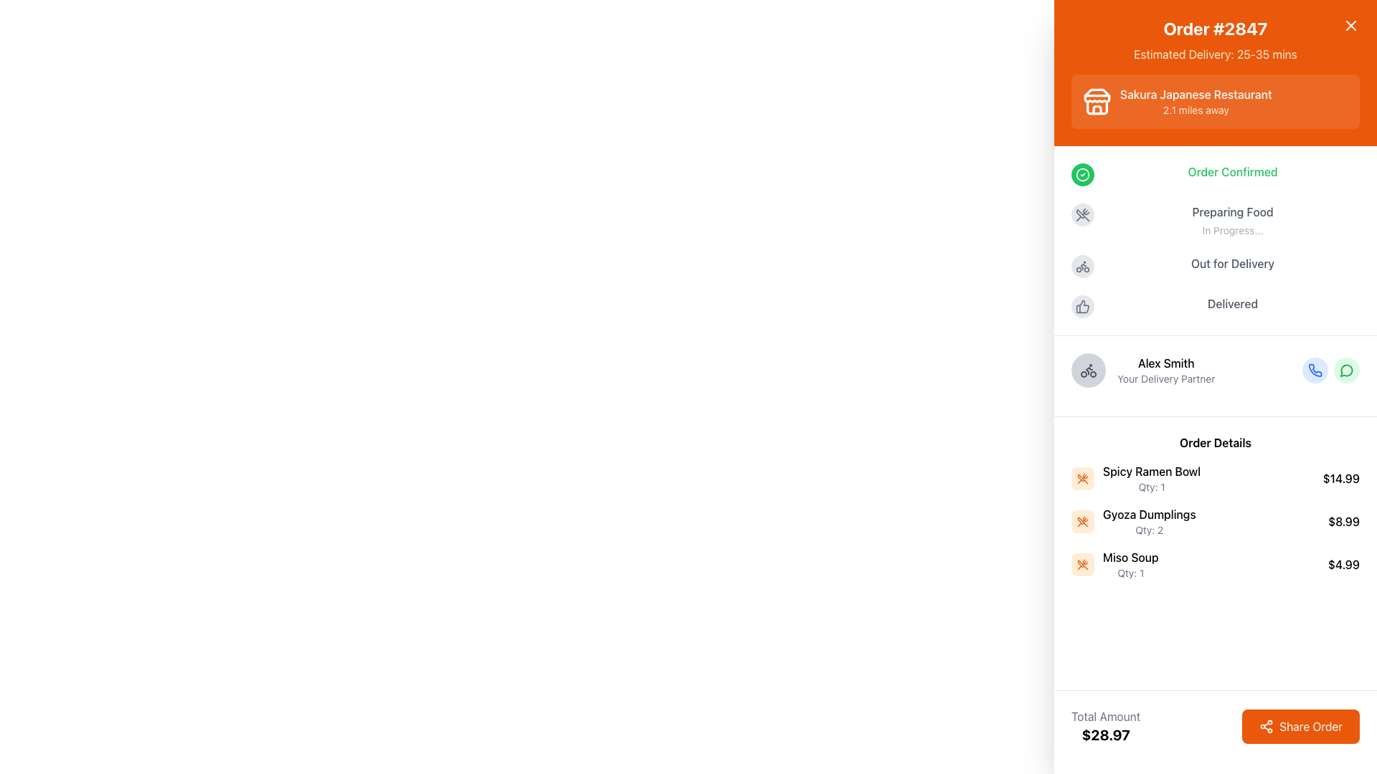 This screenshot has height=774, width=1377. I want to click on the 'Miso Soup' list item in the 'Order Details' section, so click(1214, 563).